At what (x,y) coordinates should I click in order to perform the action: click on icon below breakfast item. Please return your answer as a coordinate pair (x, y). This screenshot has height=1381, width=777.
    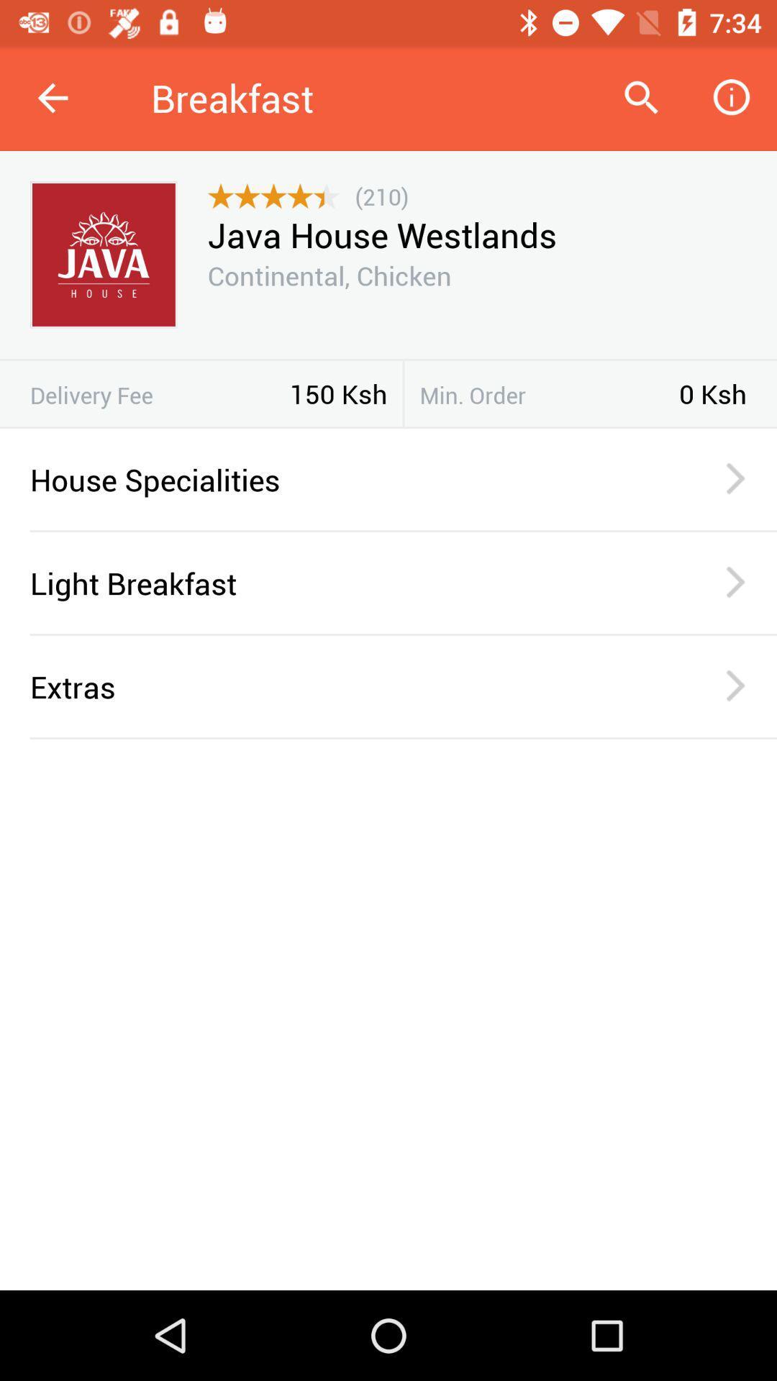
    Looking at the image, I should click on (381, 196).